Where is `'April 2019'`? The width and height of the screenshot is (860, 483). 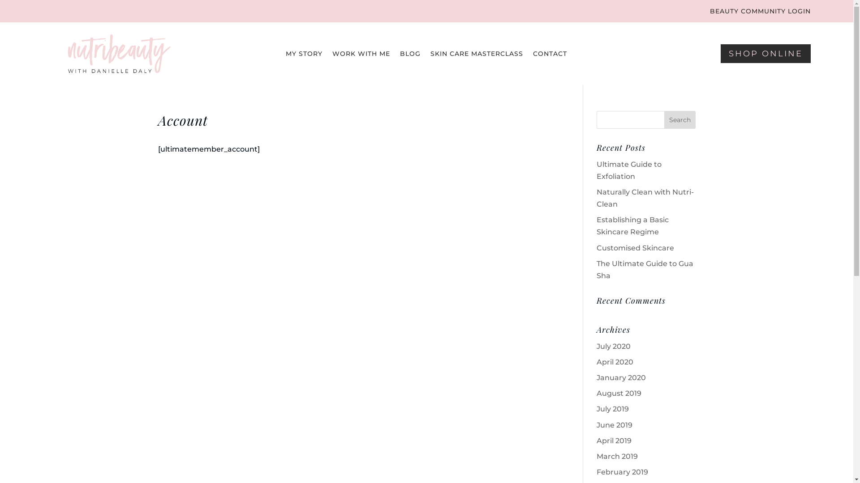
'April 2019' is located at coordinates (614, 440).